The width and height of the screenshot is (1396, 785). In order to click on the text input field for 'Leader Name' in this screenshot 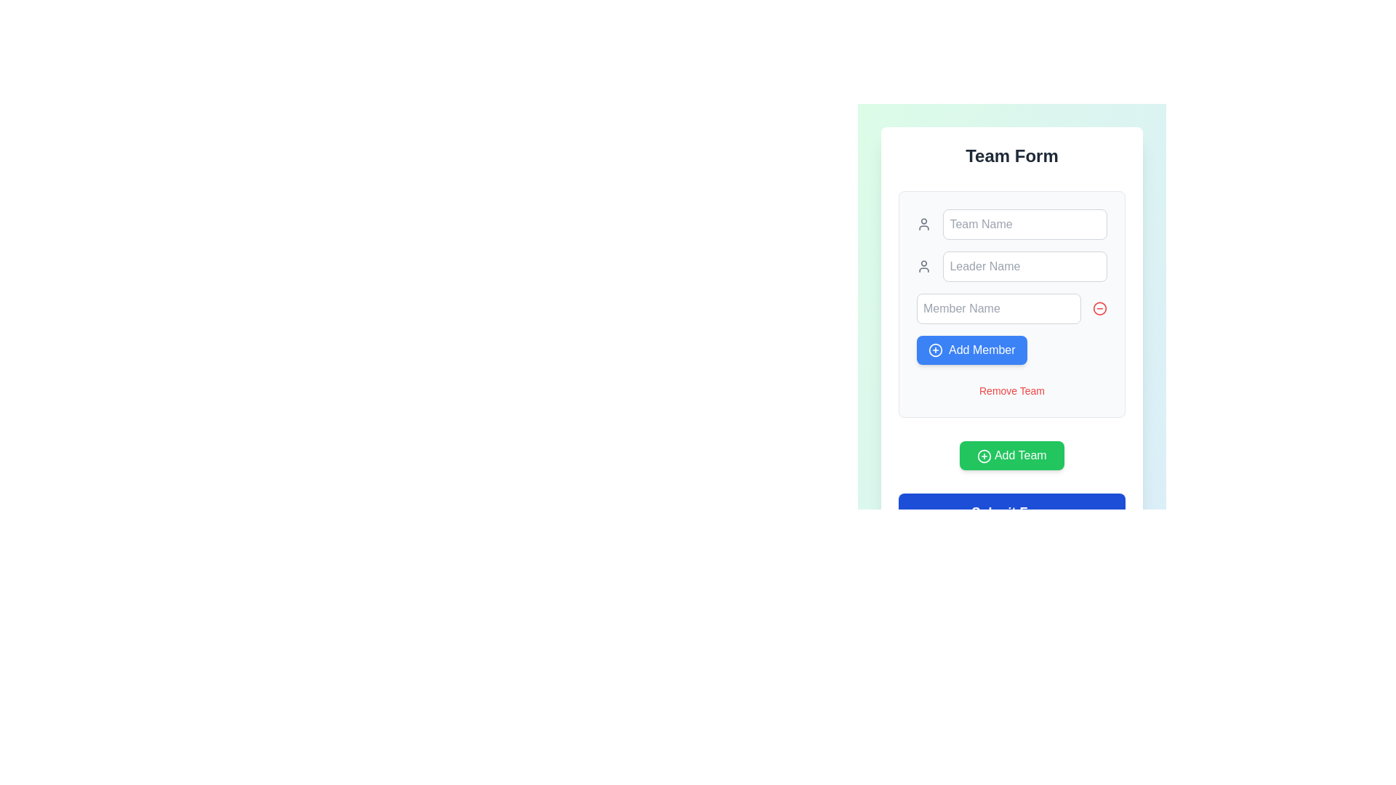, I will do `click(1024, 266)`.